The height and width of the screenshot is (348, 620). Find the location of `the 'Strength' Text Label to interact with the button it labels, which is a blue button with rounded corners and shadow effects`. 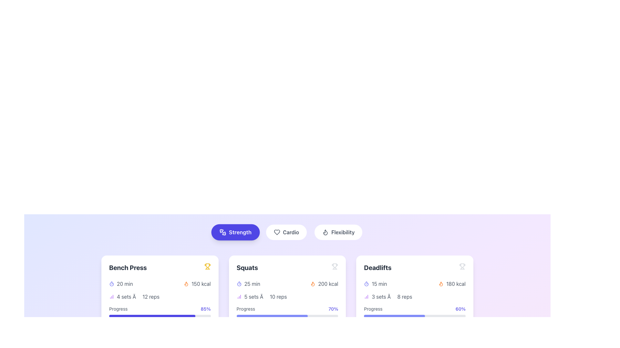

the 'Strength' Text Label to interact with the button it labels, which is a blue button with rounded corners and shadow effects is located at coordinates (240, 232).